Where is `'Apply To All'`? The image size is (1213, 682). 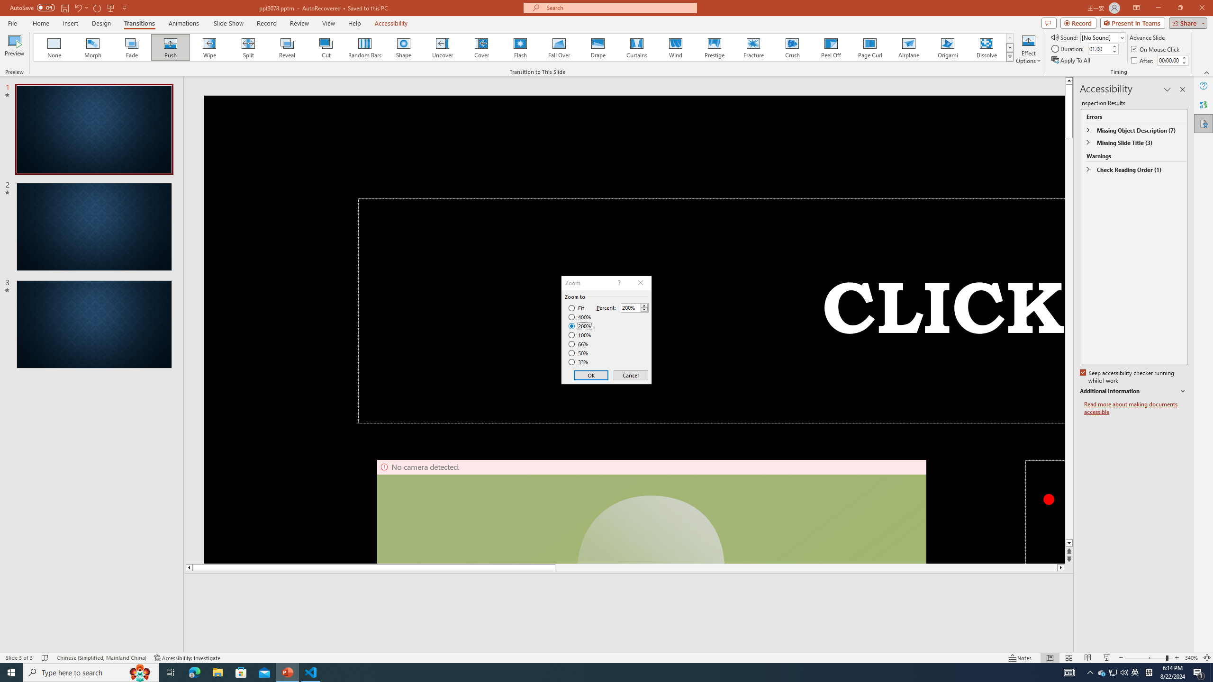 'Apply To All' is located at coordinates (1072, 60).